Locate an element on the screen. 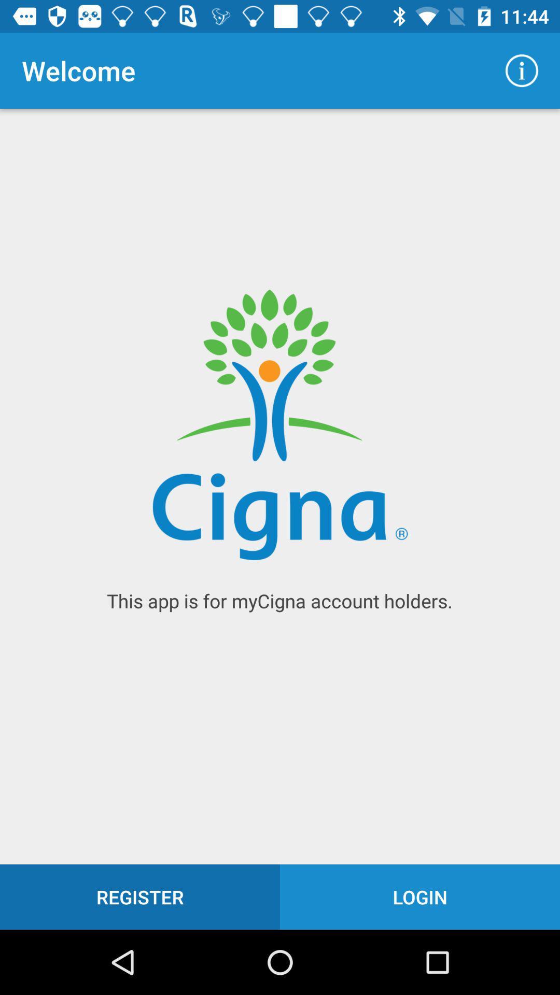  the icon at the top right corner is located at coordinates (522, 70).